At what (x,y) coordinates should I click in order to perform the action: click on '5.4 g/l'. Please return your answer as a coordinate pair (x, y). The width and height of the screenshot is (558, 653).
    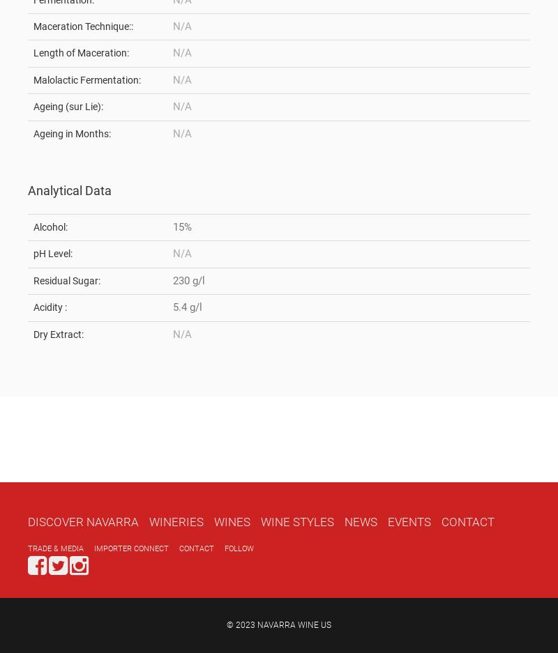
    Looking at the image, I should click on (187, 307).